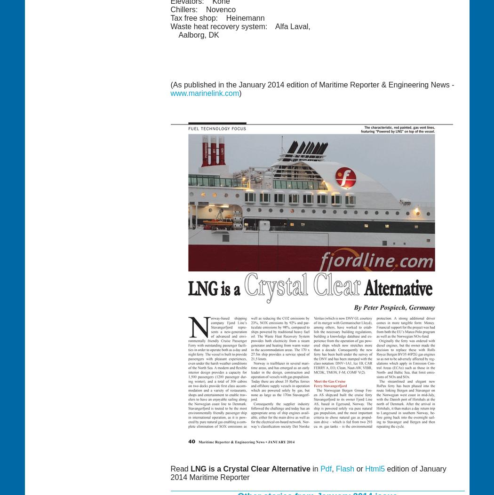 This screenshot has width=494, height=495. What do you see at coordinates (315, 468) in the screenshot?
I see `'in'` at bounding box center [315, 468].